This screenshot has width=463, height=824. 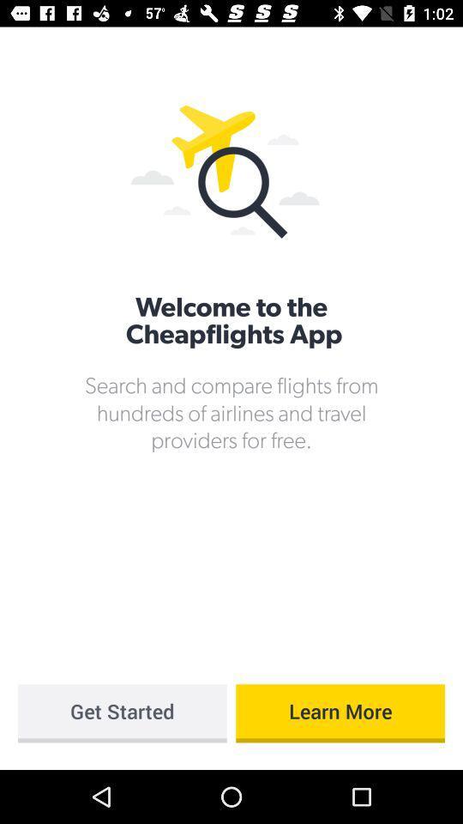 I want to click on icon below the search and compare, so click(x=340, y=713).